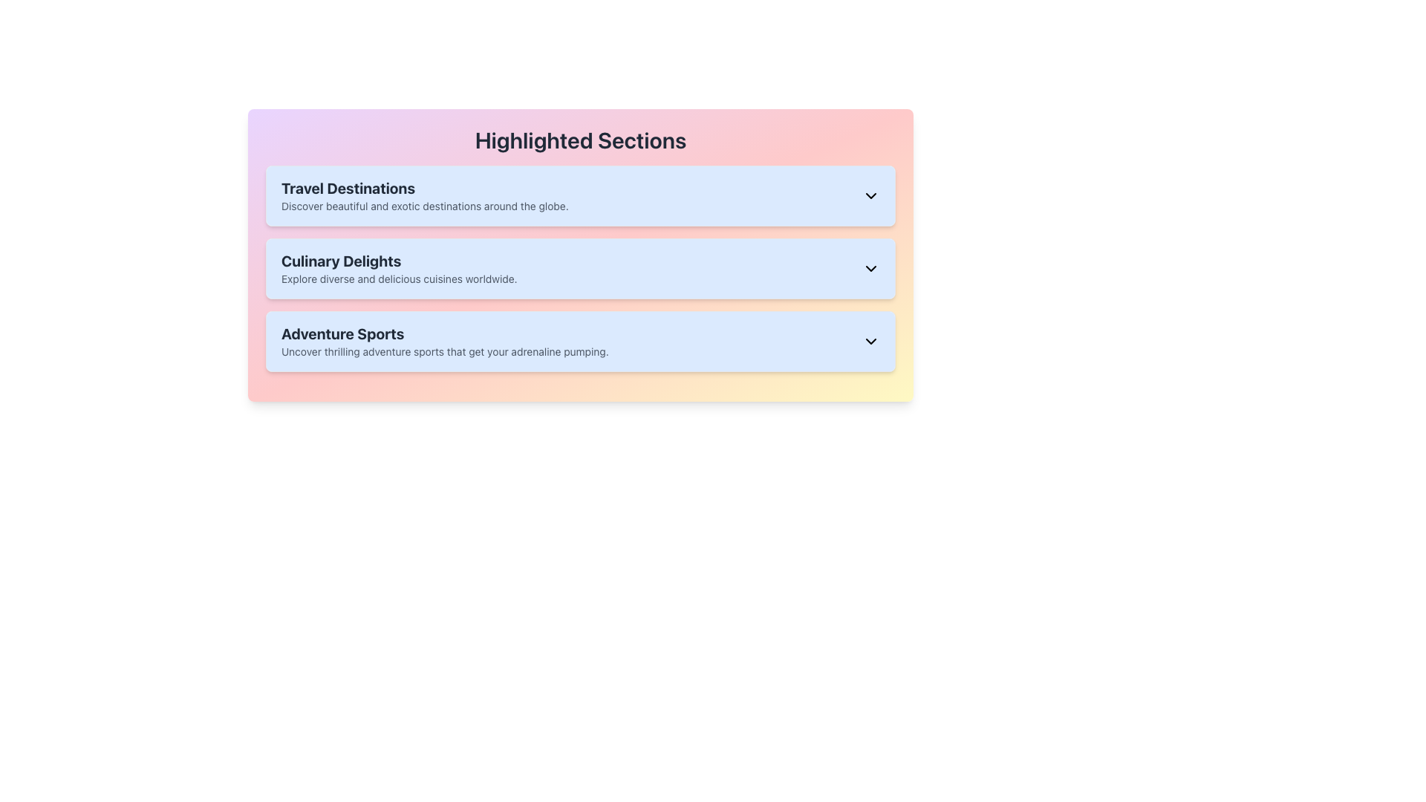 This screenshot has height=802, width=1426. What do you see at coordinates (580, 341) in the screenshot?
I see `the Collapsible Section Header labeled 'Adventure Sports'` at bounding box center [580, 341].